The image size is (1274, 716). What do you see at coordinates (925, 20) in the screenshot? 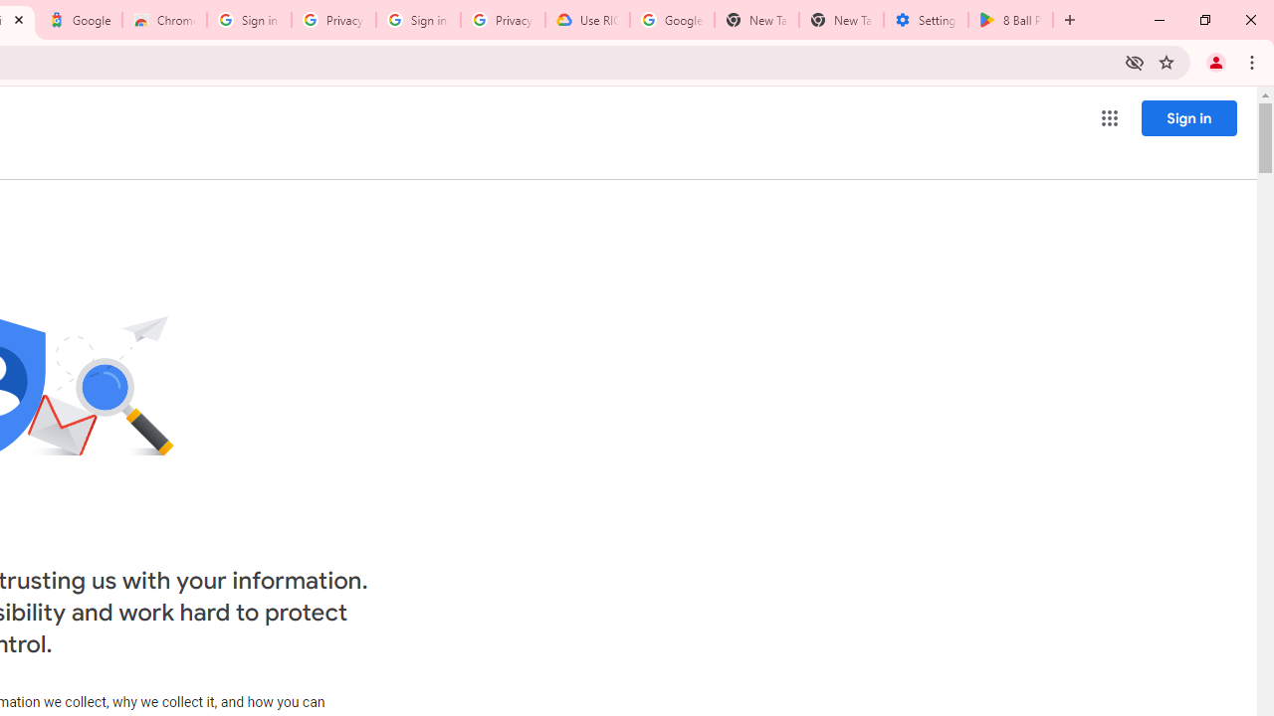
I see `'Settings - System'` at bounding box center [925, 20].